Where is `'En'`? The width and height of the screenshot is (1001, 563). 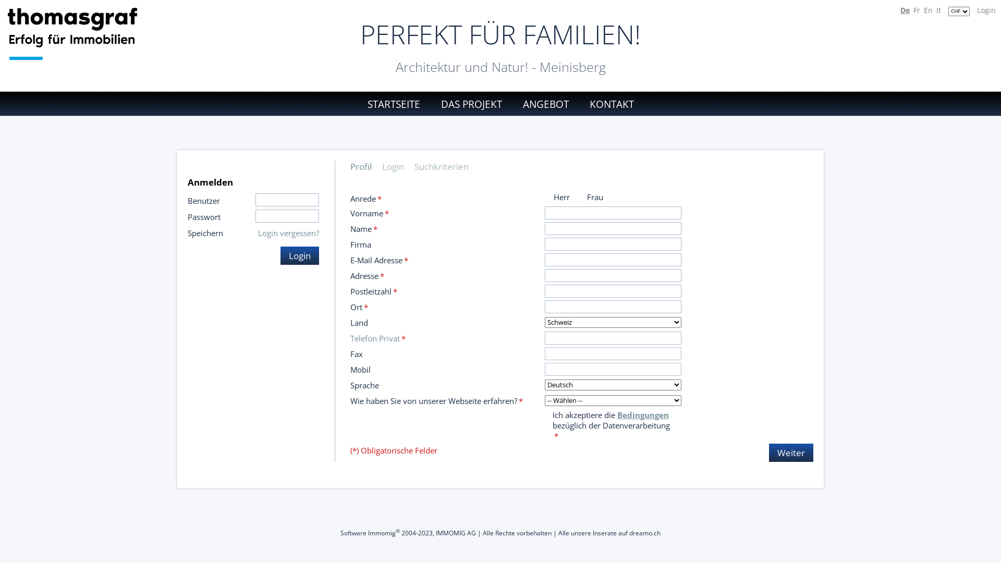 'En' is located at coordinates (928, 10).